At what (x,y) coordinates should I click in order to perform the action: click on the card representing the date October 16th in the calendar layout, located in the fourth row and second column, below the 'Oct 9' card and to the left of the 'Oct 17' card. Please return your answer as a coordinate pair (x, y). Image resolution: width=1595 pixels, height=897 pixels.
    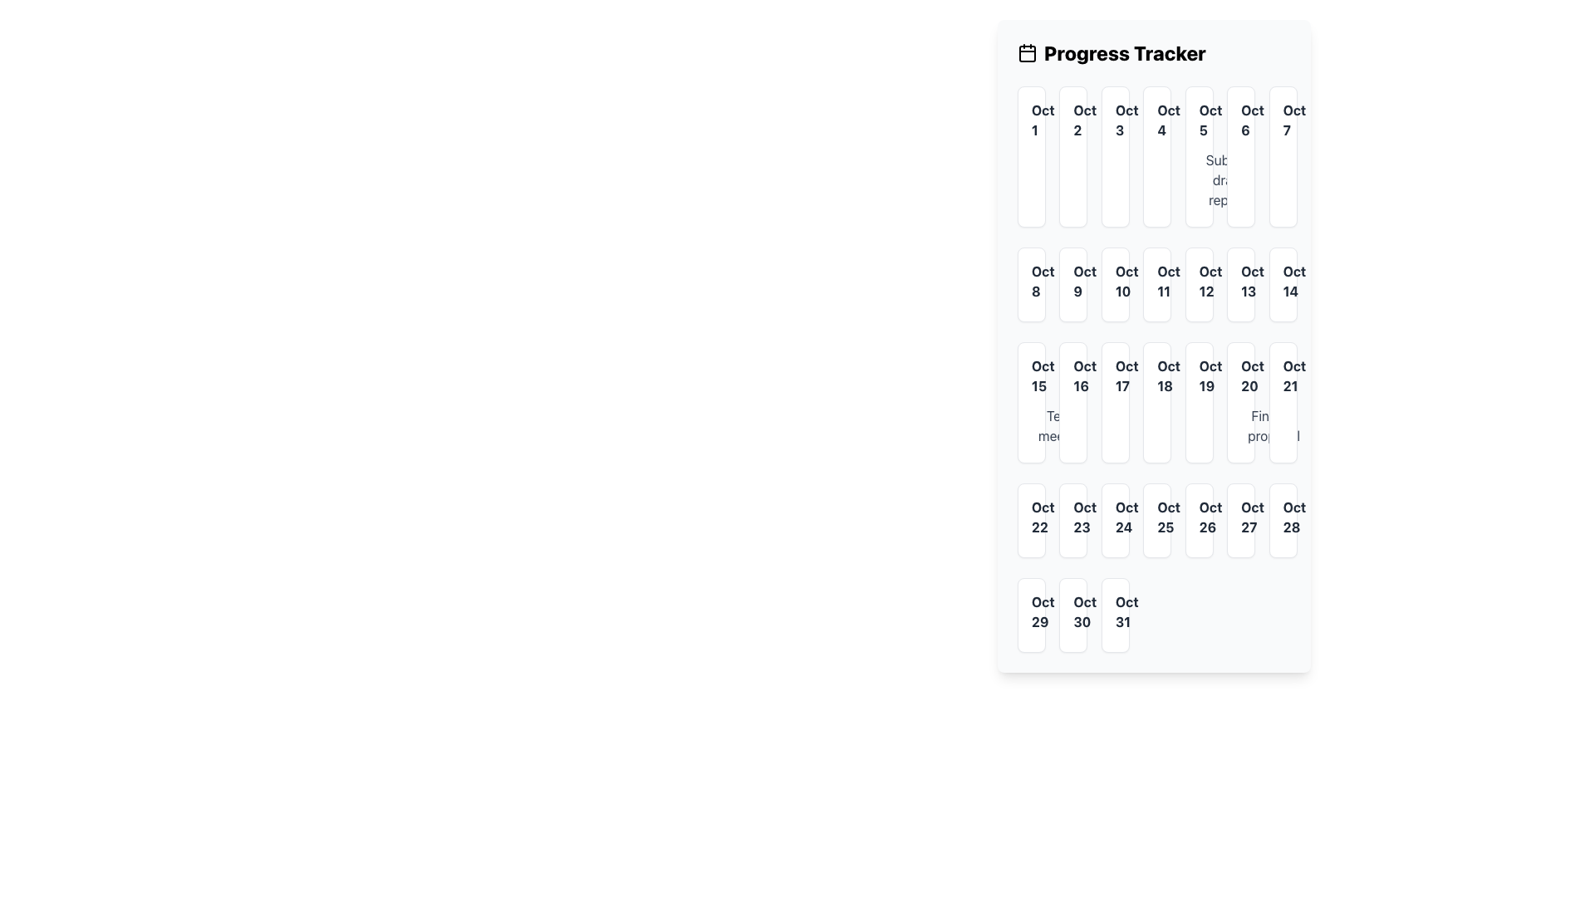
    Looking at the image, I should click on (1073, 403).